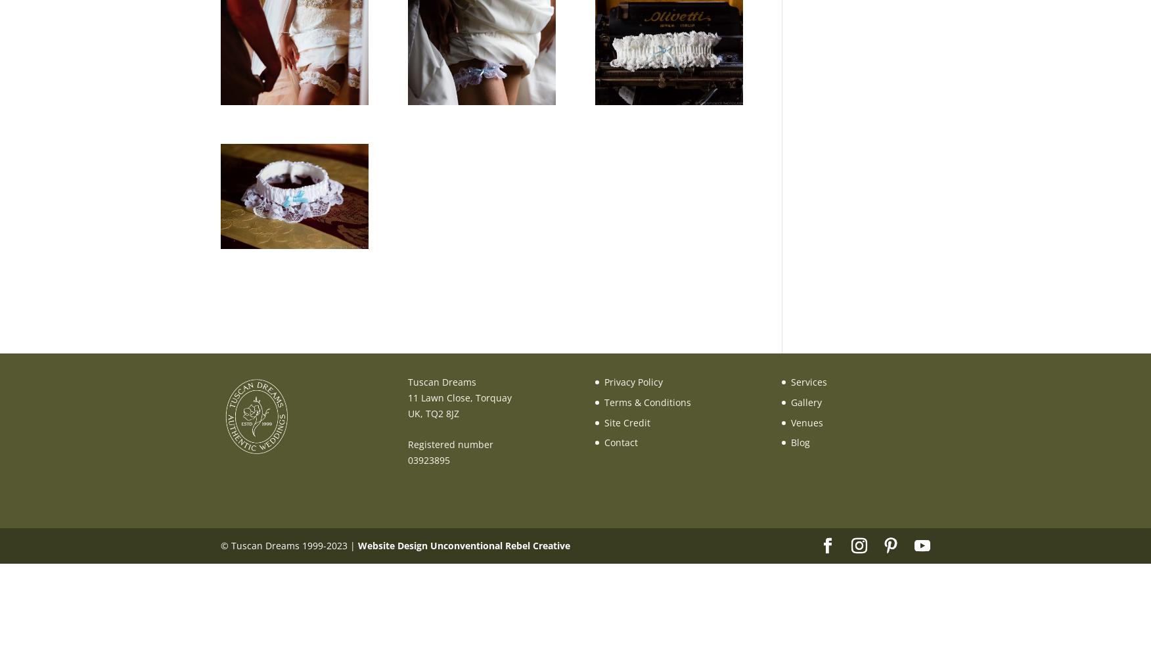 This screenshot has height=657, width=1151. Describe the element at coordinates (790, 381) in the screenshot. I see `'Services'` at that location.